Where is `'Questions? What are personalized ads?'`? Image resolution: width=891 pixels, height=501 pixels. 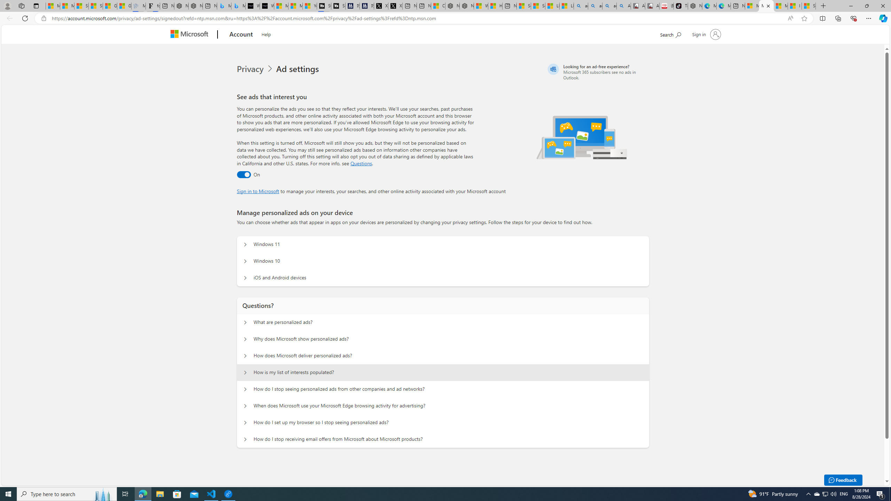 'Questions? What are personalized ads?' is located at coordinates (245, 322).